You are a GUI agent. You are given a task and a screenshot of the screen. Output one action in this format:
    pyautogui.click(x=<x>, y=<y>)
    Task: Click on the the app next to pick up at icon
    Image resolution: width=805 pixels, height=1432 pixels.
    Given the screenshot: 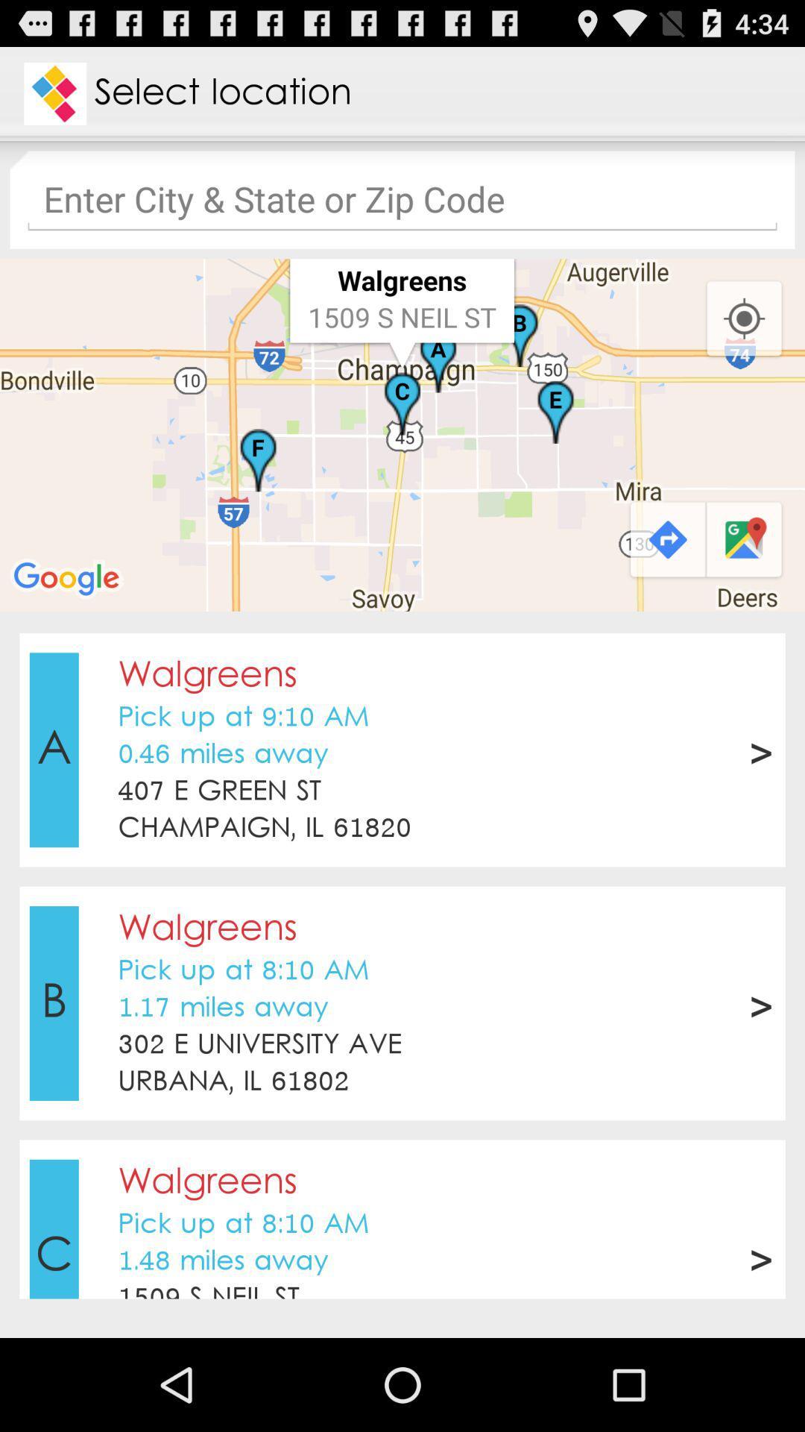 What is the action you would take?
    pyautogui.click(x=760, y=1256)
    